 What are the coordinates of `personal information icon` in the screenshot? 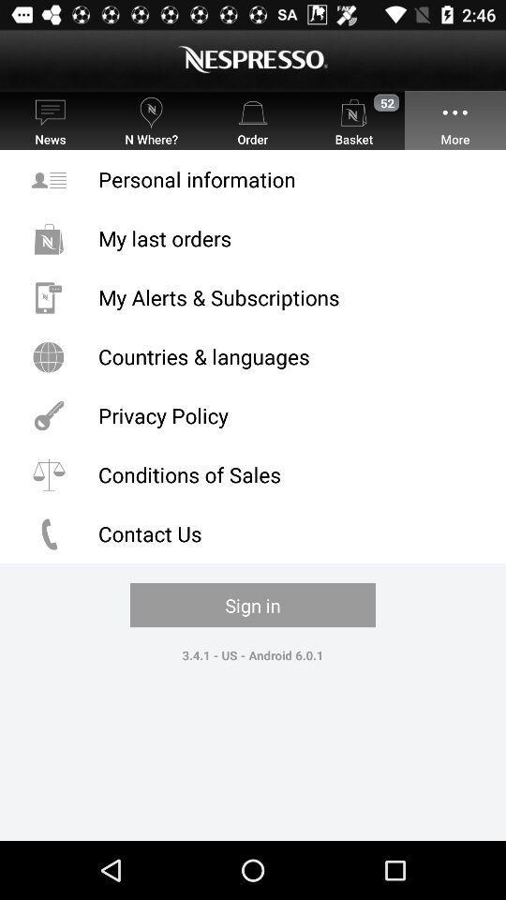 It's located at (253, 179).